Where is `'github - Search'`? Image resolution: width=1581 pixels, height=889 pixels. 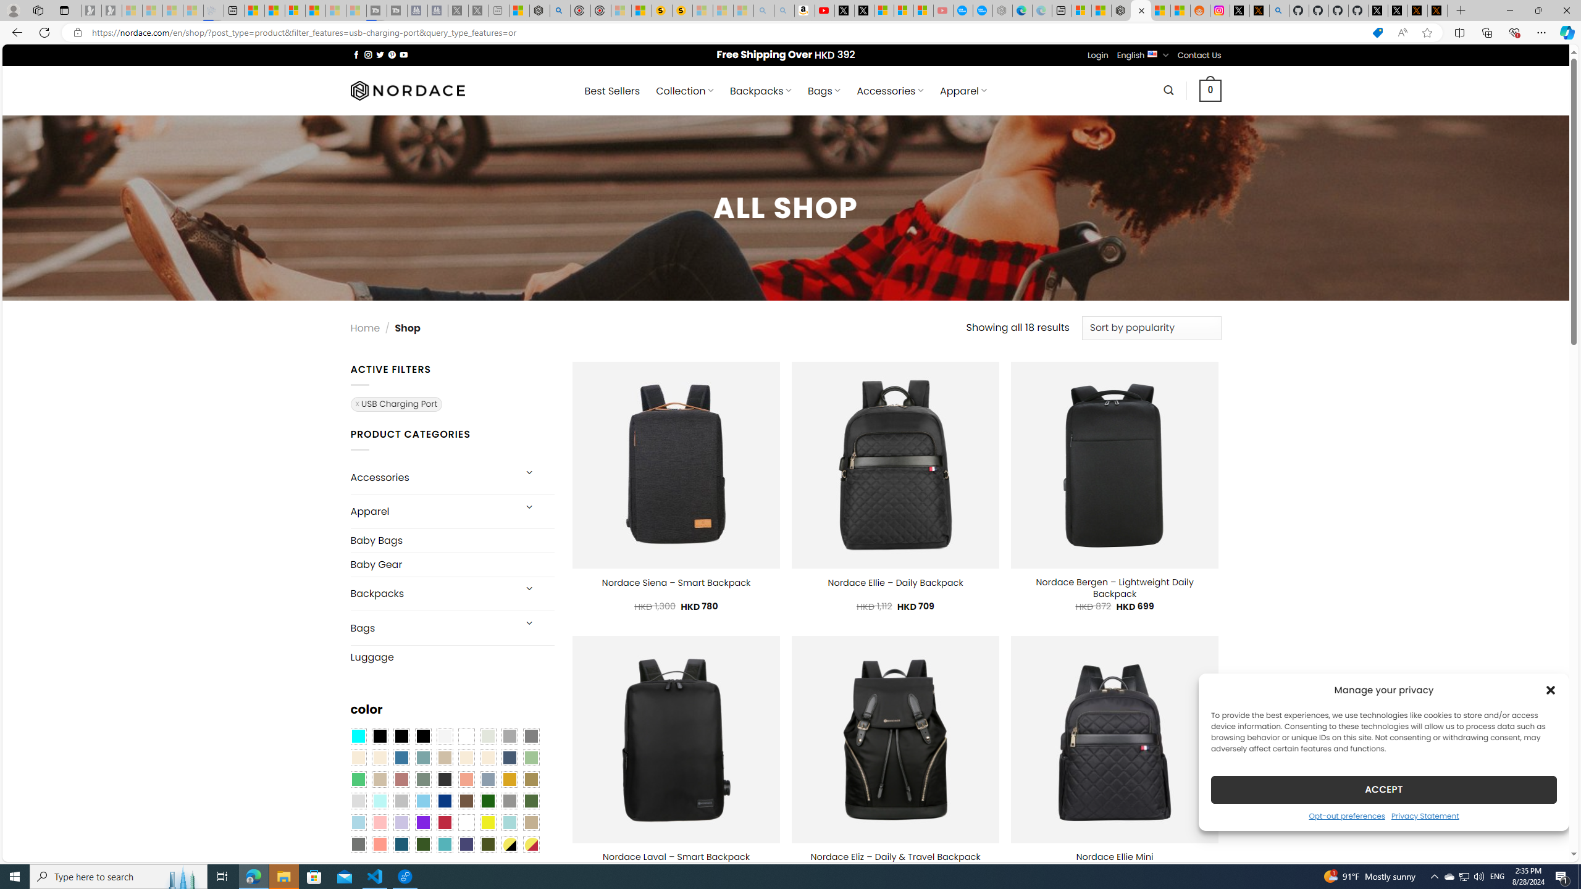 'github - Search' is located at coordinates (1279, 10).